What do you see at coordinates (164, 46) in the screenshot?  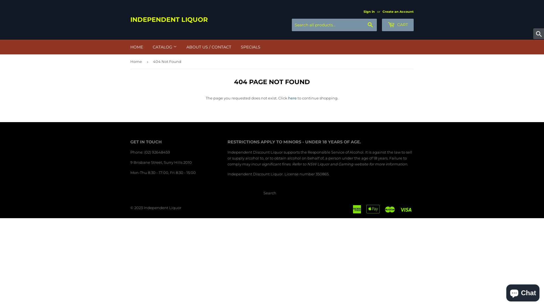 I see `'CATALOG'` at bounding box center [164, 46].